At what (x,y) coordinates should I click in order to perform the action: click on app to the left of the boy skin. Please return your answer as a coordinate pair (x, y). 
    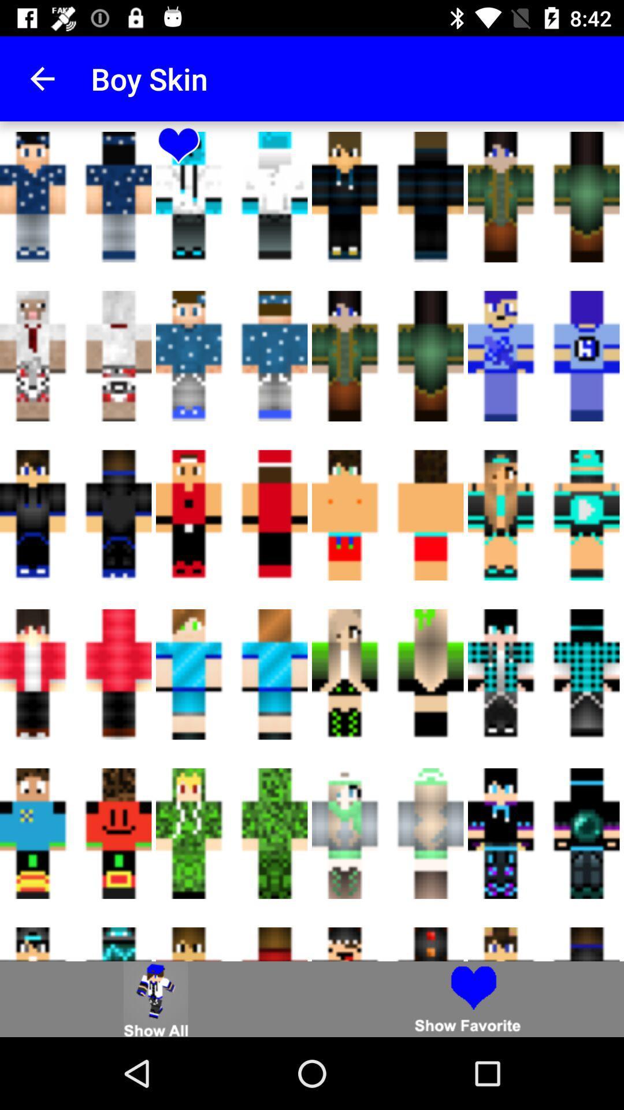
    Looking at the image, I should click on (42, 78).